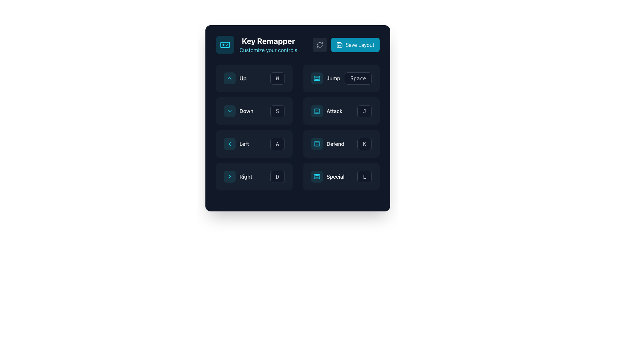  Describe the element at coordinates (340, 45) in the screenshot. I see `the compact, square-shaped SVG icon representing a save action, located to the left of the 'Save Layout' button's text label` at that location.